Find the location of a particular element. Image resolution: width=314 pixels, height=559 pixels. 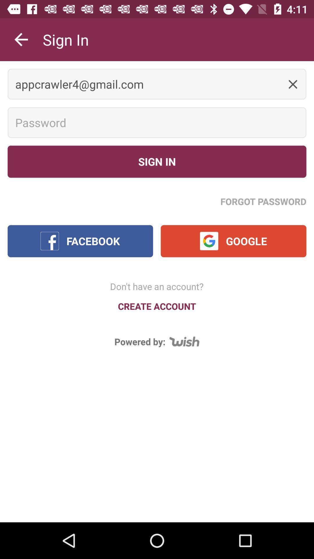

appcrawler4@gmail.com item is located at coordinates (157, 84).